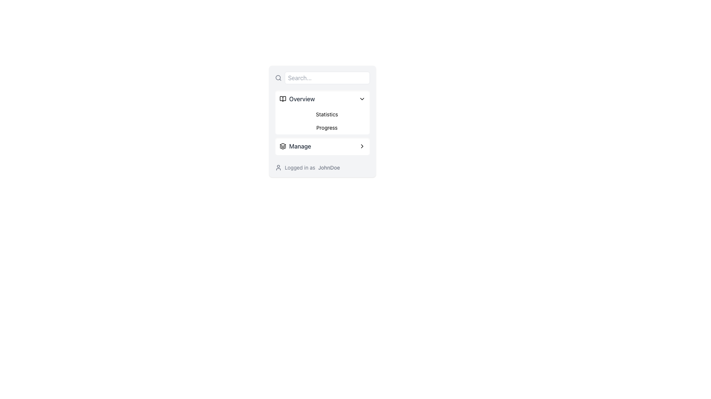  I want to click on the text element "JohnDoe" which is styled in a slightly bold font and appears as part of the user identification line following the phrase "Logged in as" in the bottom-right area of the sidebar, so click(328, 168).